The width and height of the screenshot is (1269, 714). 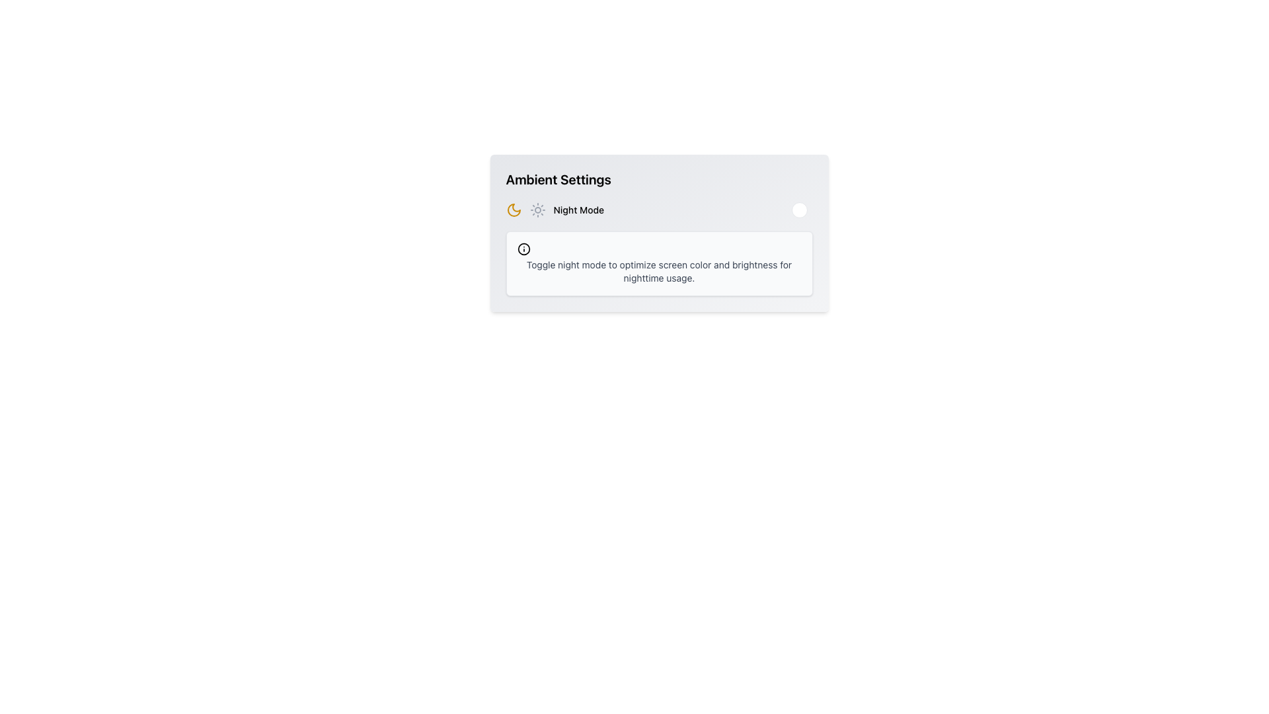 What do you see at coordinates (793, 209) in the screenshot?
I see `the toggle switch for 'Night Mode' to change its state, which activates or deactivates the feature` at bounding box center [793, 209].